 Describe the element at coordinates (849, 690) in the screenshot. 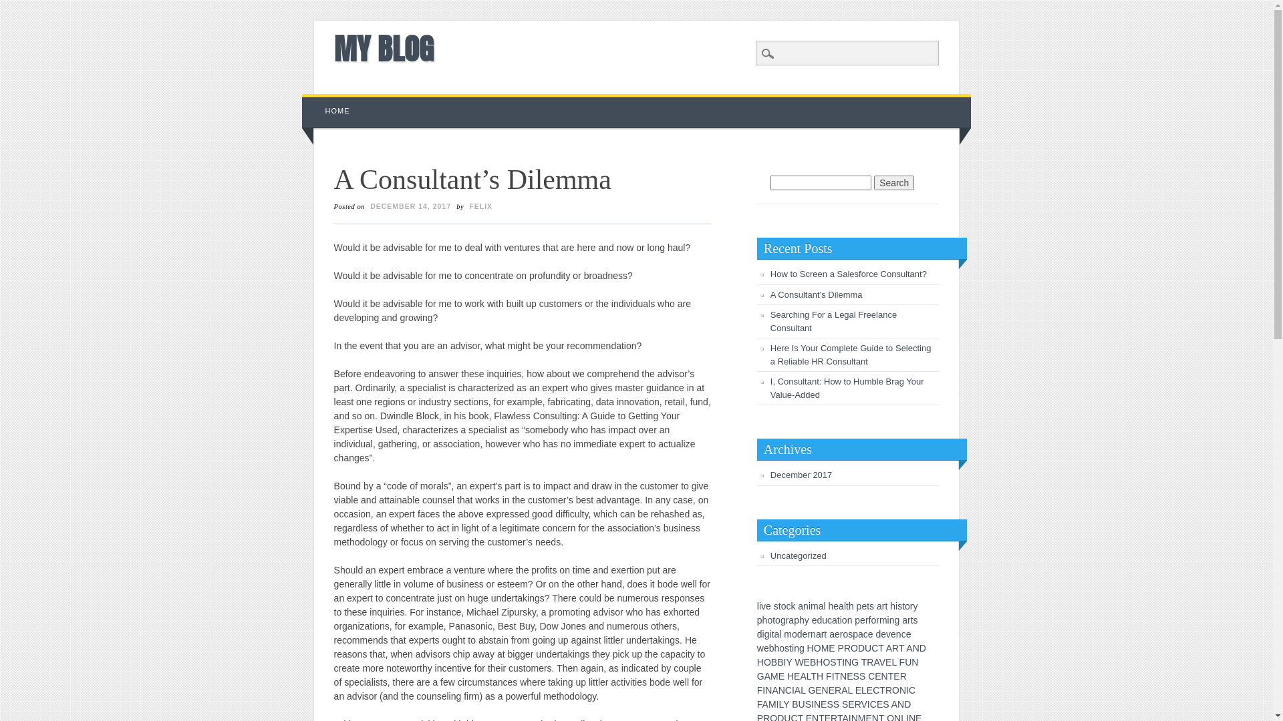

I see `'L'` at that location.